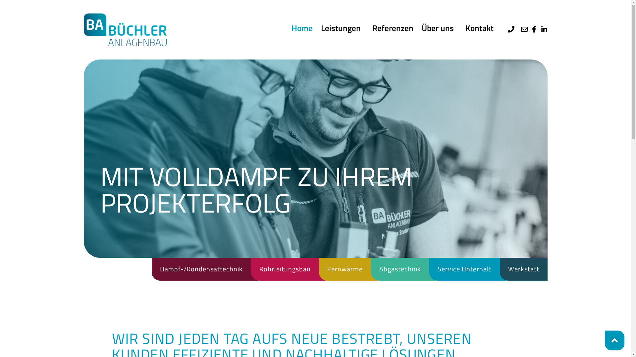 The width and height of the screenshot is (636, 357). I want to click on 'Rohrleitungsbau', so click(259, 269).